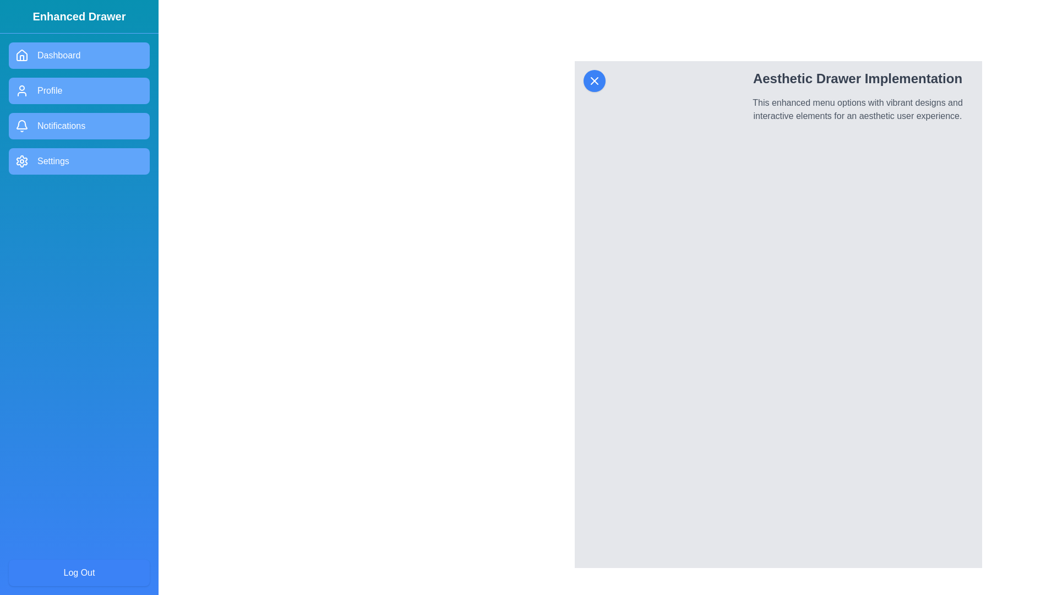  I want to click on description of the Text Block titled 'Aesthetic Drawer Implementation' located in the upper-right section of the interface, so click(857, 95).